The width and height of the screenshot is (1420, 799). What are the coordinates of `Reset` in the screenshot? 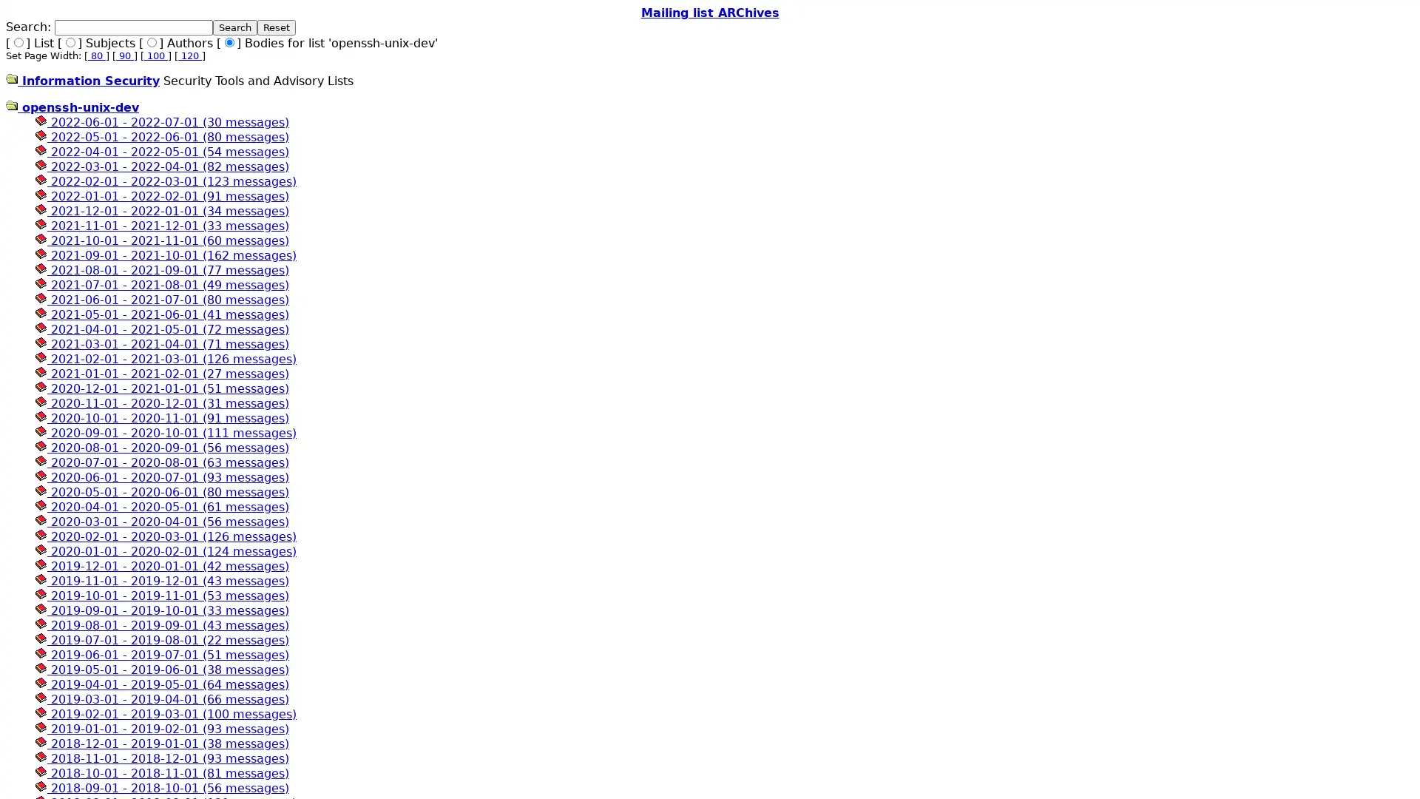 It's located at (277, 27).